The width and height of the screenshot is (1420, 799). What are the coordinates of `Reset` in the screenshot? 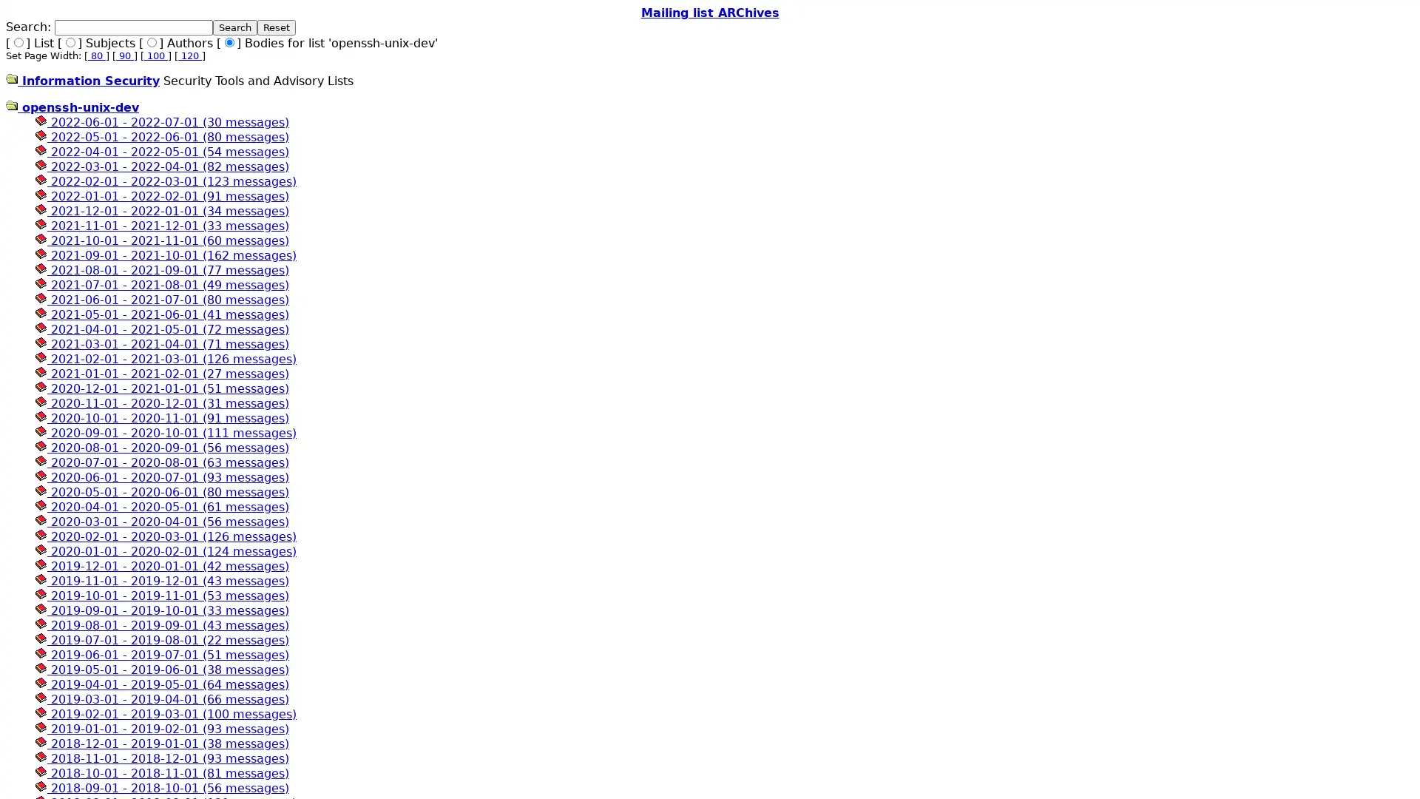 It's located at (277, 27).